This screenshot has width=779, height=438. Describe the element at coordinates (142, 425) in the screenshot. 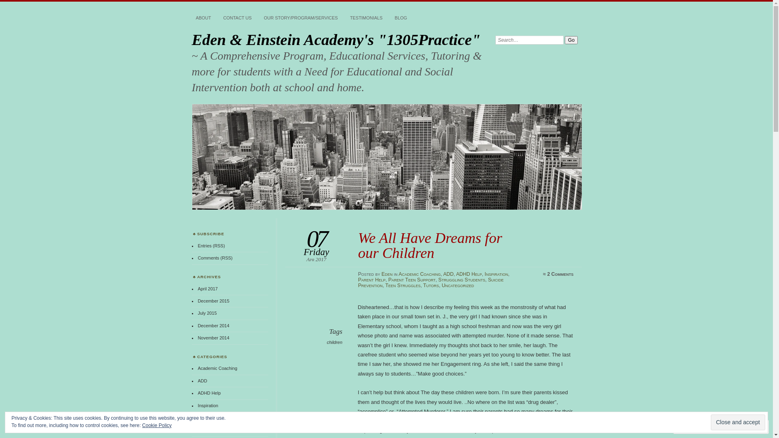

I see `'Cookie Policy'` at that location.